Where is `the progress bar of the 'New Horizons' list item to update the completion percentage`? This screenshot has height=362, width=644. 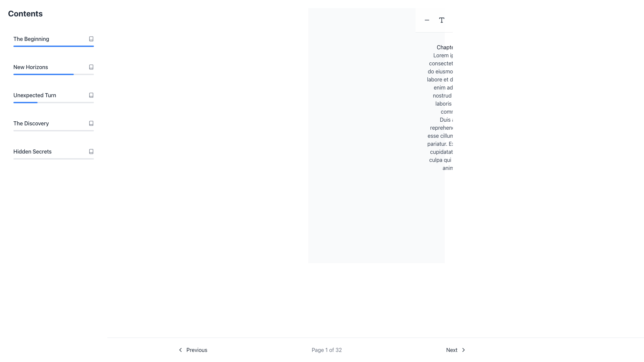
the progress bar of the 'New Horizons' list item to update the completion percentage is located at coordinates (53, 69).